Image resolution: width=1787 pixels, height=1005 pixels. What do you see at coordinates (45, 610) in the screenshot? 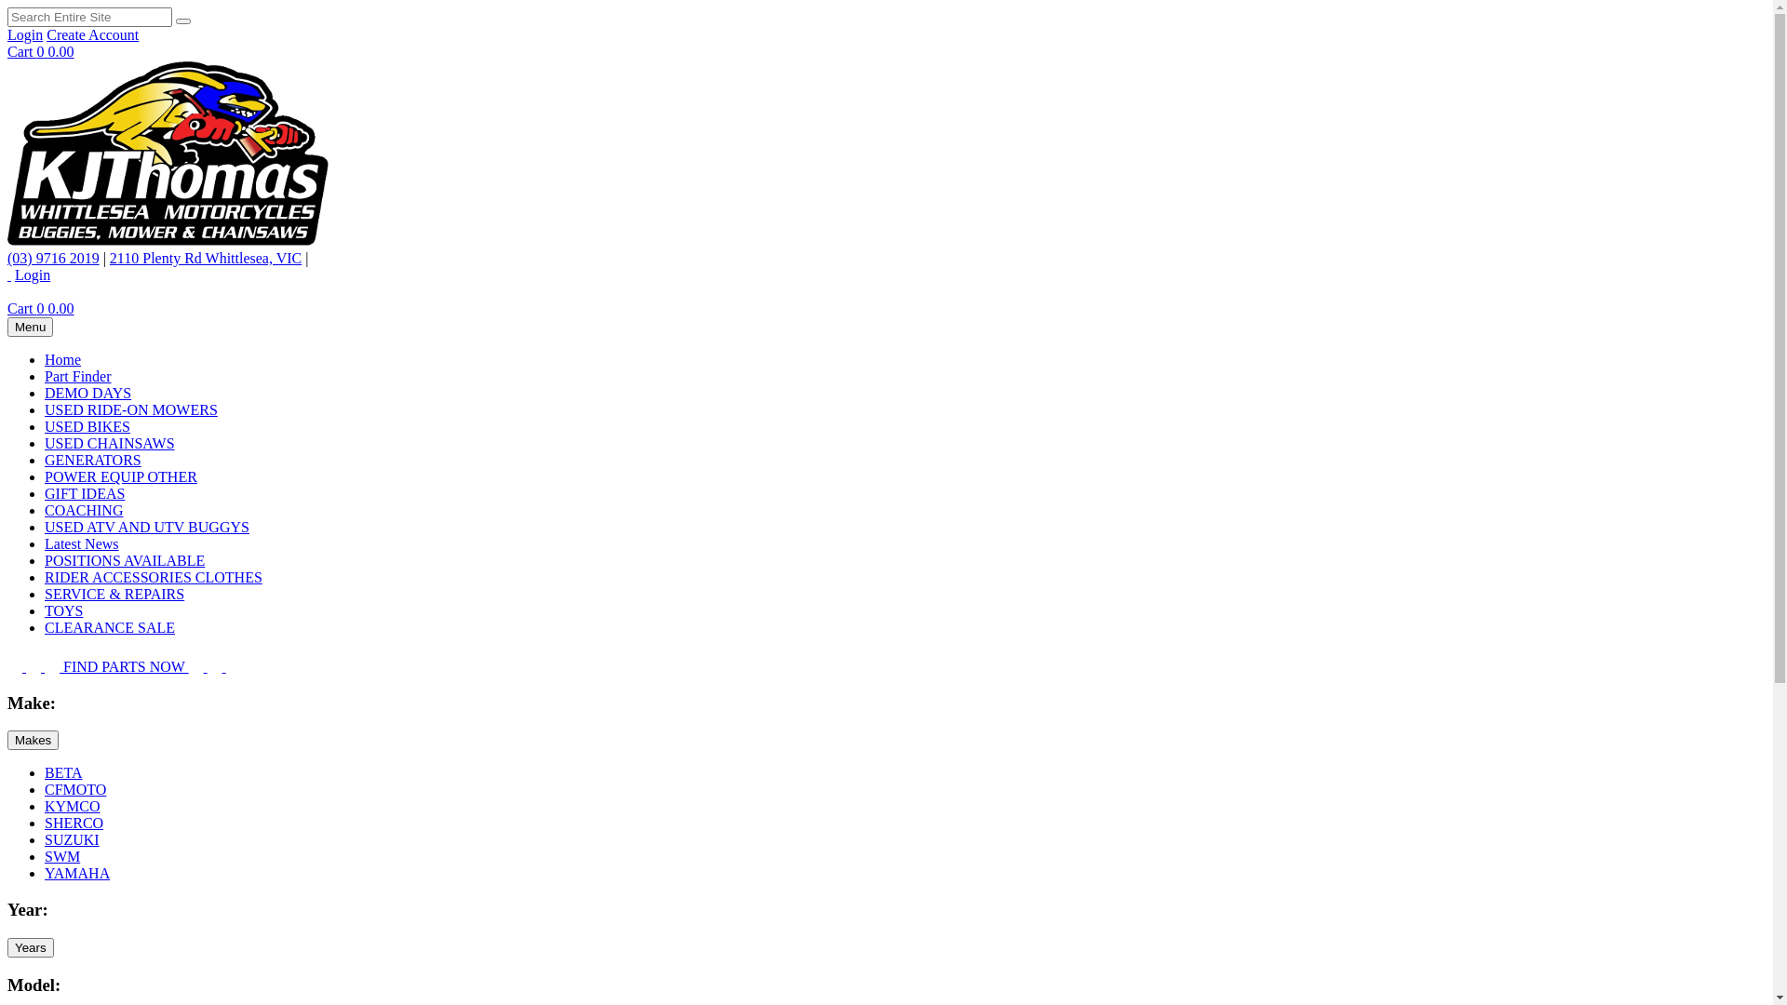
I see `'TOYS'` at bounding box center [45, 610].